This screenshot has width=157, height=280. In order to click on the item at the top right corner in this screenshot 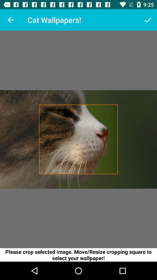, I will do `click(148, 20)`.